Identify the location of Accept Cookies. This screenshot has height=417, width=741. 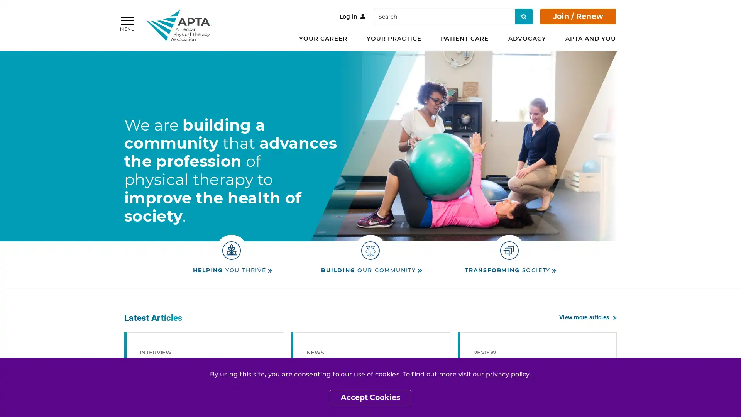
(370, 397).